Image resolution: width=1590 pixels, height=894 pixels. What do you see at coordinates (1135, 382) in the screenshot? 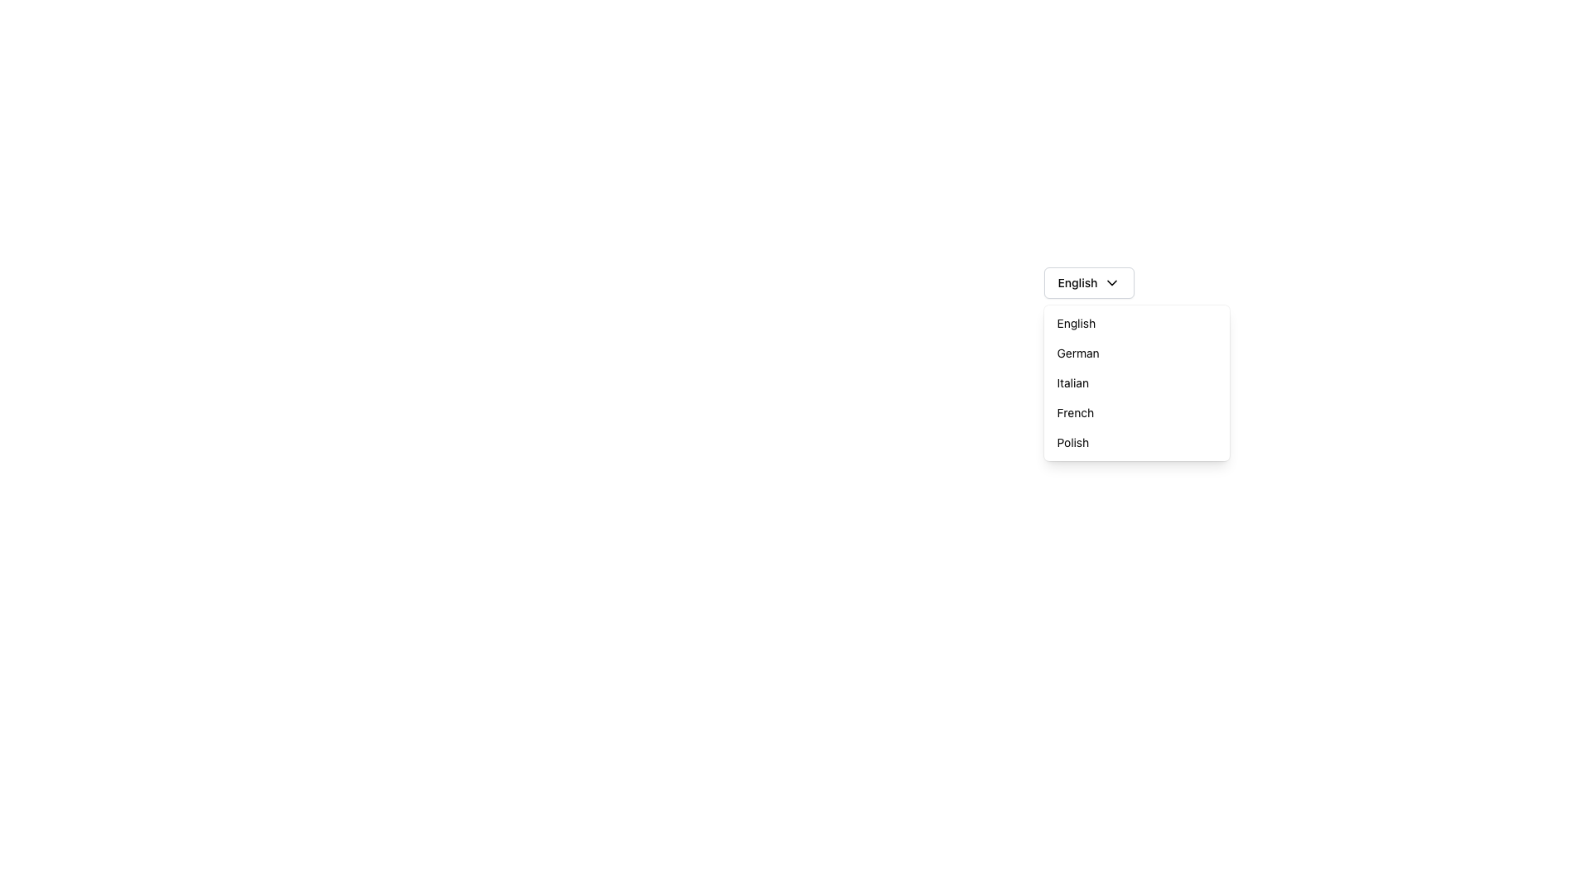
I see `the 'Italian' language option in the dropdown menu, which is the third option after 'German' and before 'French'` at bounding box center [1135, 382].